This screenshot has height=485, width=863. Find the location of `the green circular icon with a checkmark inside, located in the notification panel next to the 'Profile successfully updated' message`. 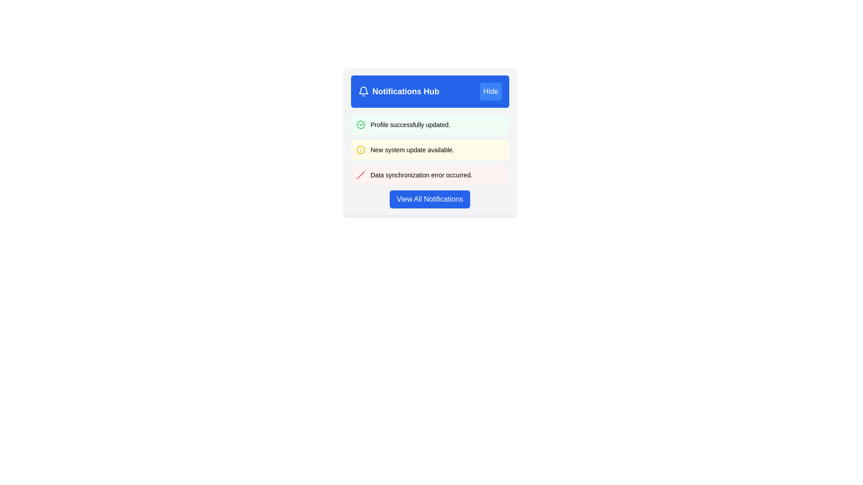

the green circular icon with a checkmark inside, located in the notification panel next to the 'Profile successfully updated' message is located at coordinates (360, 124).